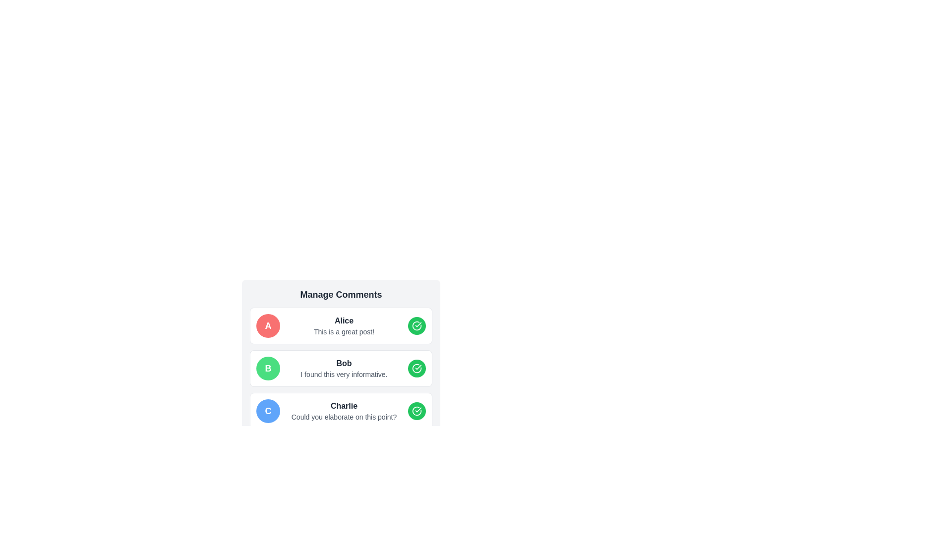  What do you see at coordinates (344, 326) in the screenshot?
I see `comment content displayed below the username 'Alice' in the topmost comment box, which says 'This is a great post!'` at bounding box center [344, 326].